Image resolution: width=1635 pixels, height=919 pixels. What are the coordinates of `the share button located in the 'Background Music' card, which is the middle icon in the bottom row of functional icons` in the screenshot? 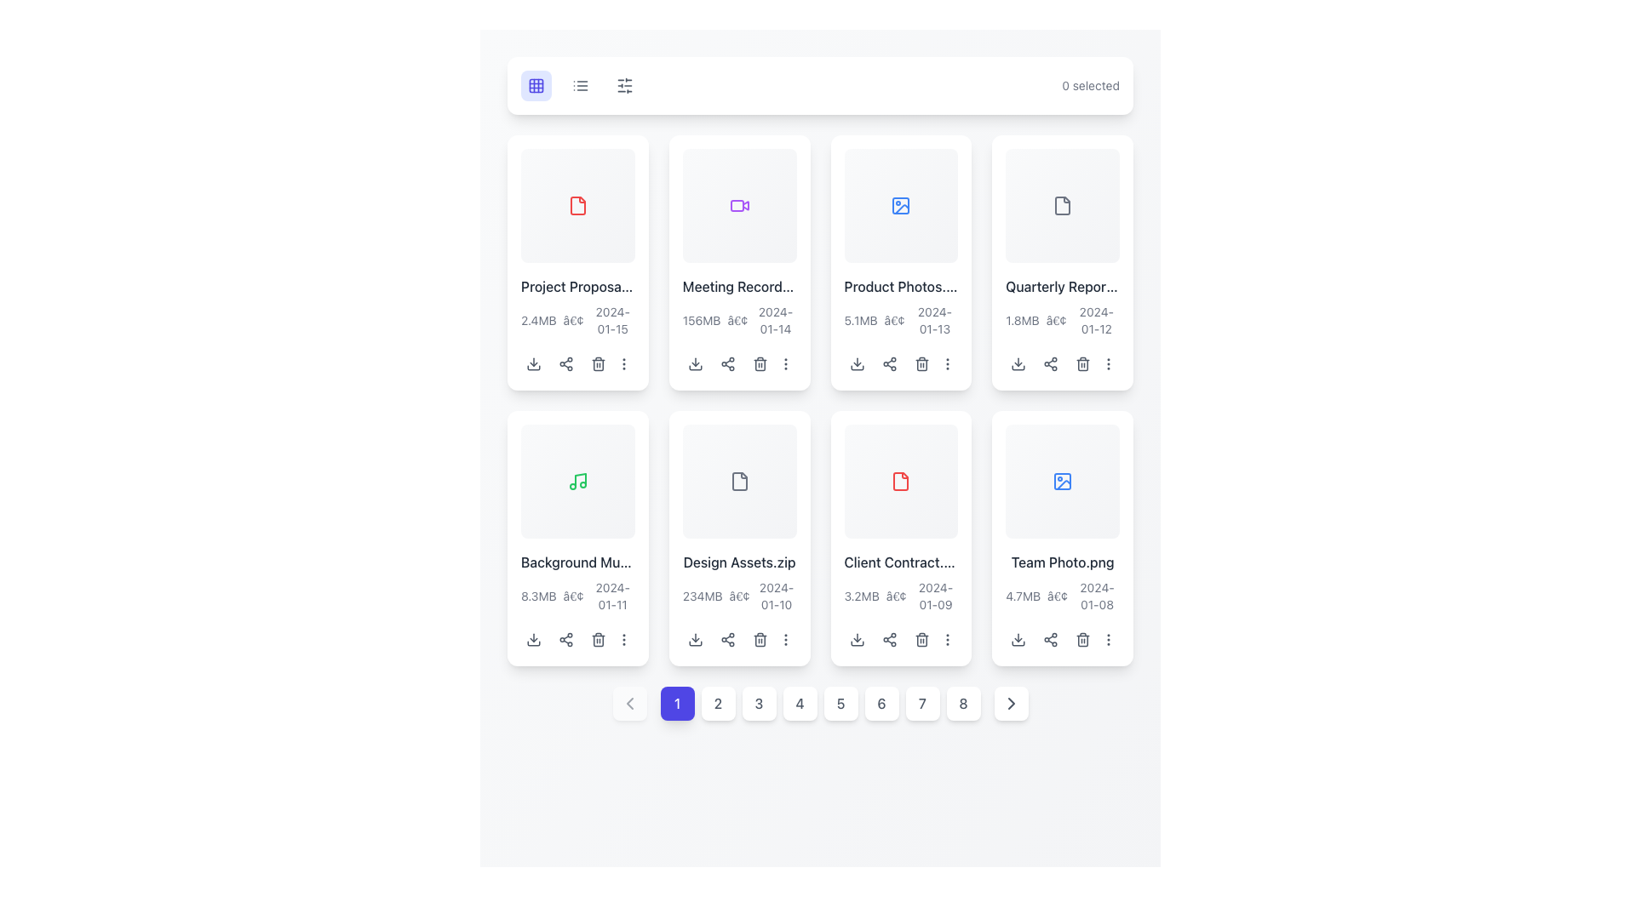 It's located at (566, 639).